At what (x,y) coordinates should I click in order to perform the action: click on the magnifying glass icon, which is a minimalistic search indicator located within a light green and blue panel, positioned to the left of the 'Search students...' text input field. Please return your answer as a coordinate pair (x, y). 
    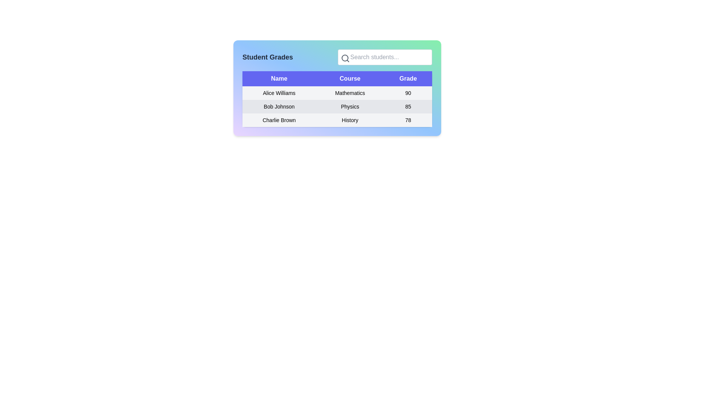
    Looking at the image, I should click on (345, 58).